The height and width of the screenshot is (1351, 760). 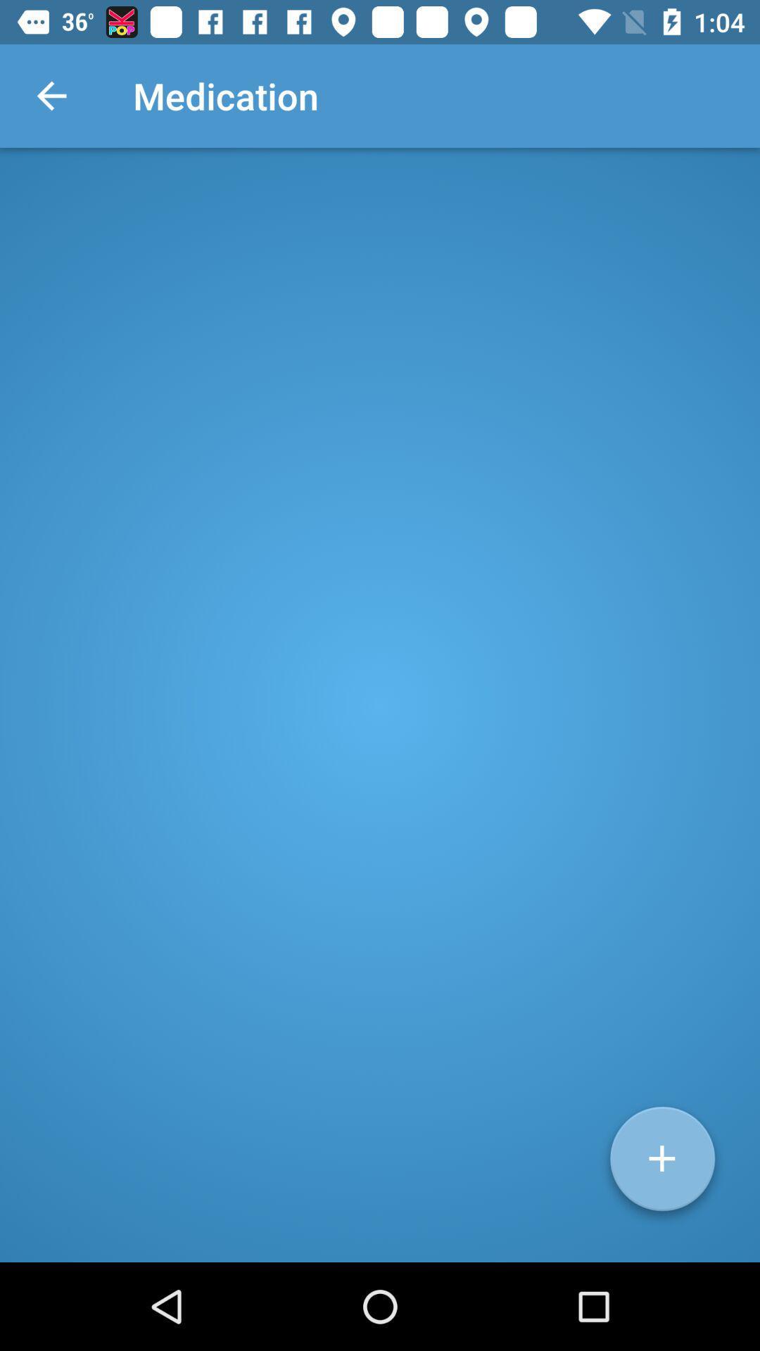 I want to click on icon next to medication icon, so click(x=51, y=95).